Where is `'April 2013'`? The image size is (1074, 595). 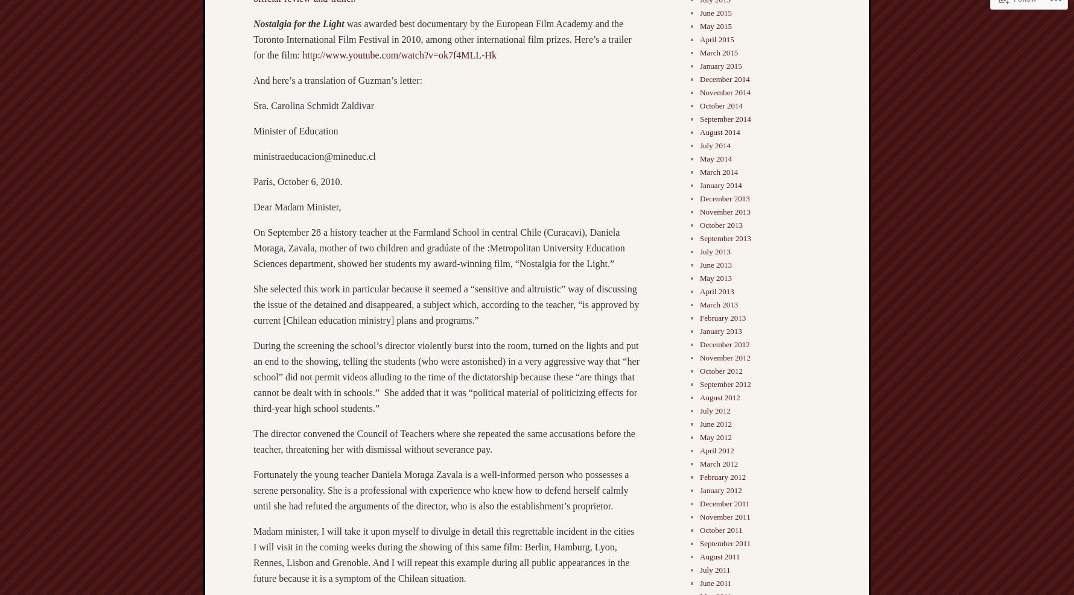
'April 2013' is located at coordinates (699, 290).